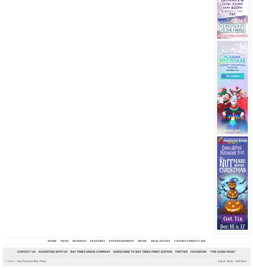  Describe the element at coordinates (26, 251) in the screenshot. I see `'Contact Us'` at that location.